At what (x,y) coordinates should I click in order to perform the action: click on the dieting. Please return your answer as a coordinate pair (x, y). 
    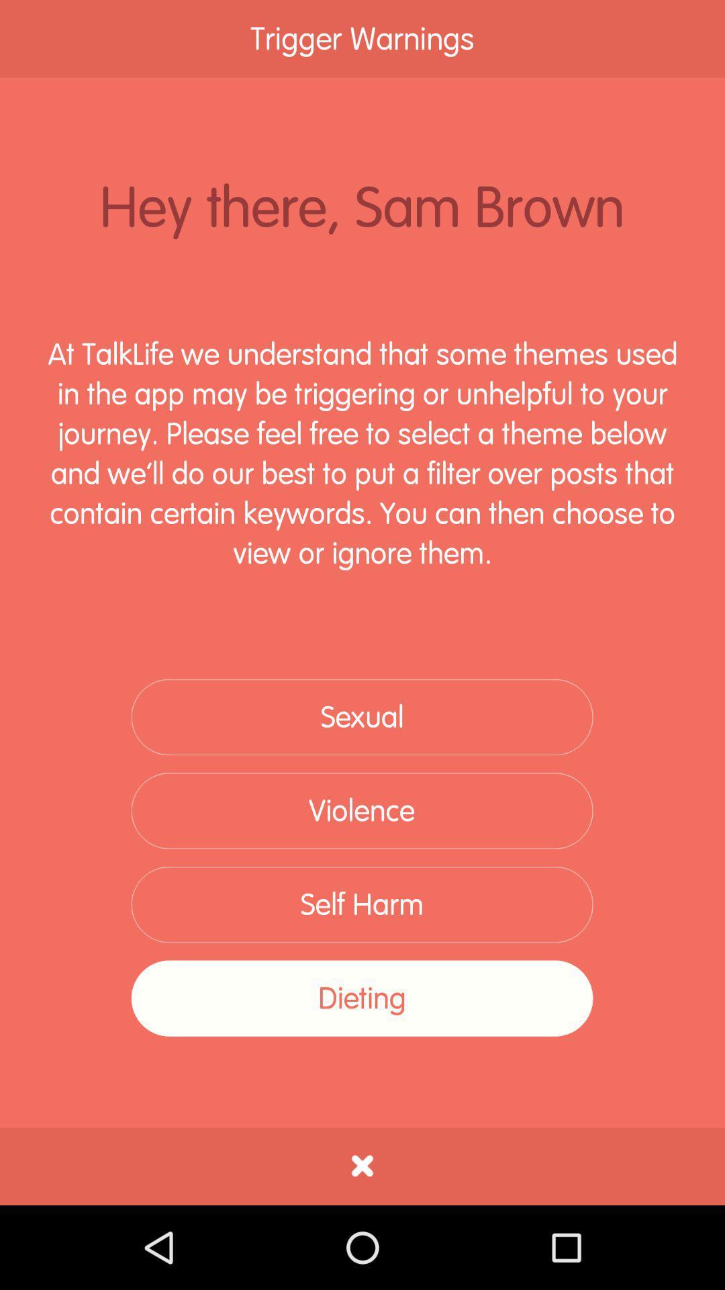
    Looking at the image, I should click on (361, 998).